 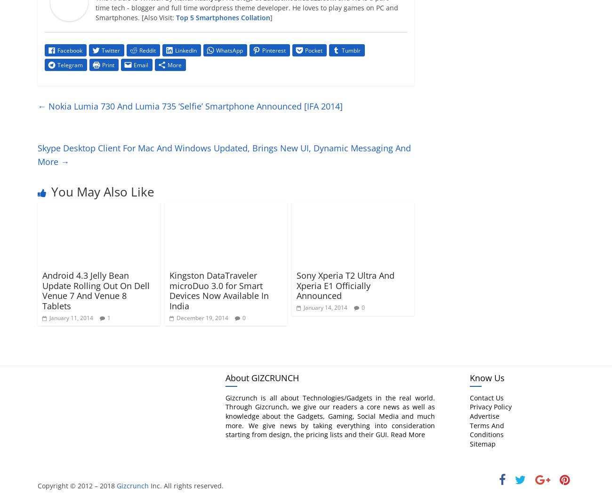 I want to click on 'Gizcrunch is all about Technologies/Gadgets in the real world. Through Gizcrunch, we give our readers a core news as well as knowledge about the Gadgets, Gaming, Social Media and much more. We give news by taking everything into consideration starting from design, the pricing lists and their GUI.', so click(x=329, y=416).